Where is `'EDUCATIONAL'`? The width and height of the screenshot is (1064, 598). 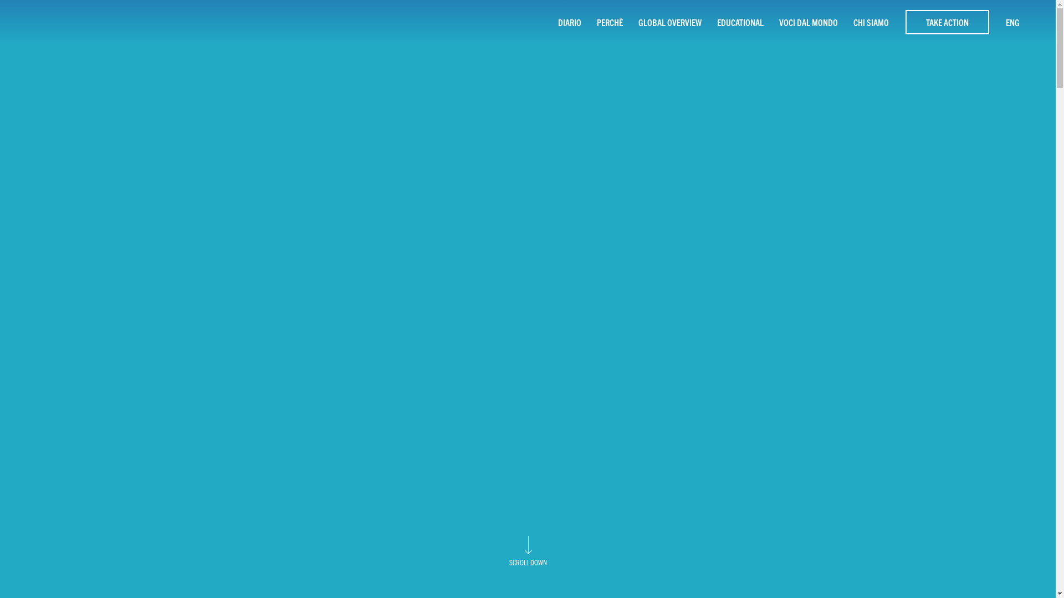
'EDUCATIONAL' is located at coordinates (740, 22).